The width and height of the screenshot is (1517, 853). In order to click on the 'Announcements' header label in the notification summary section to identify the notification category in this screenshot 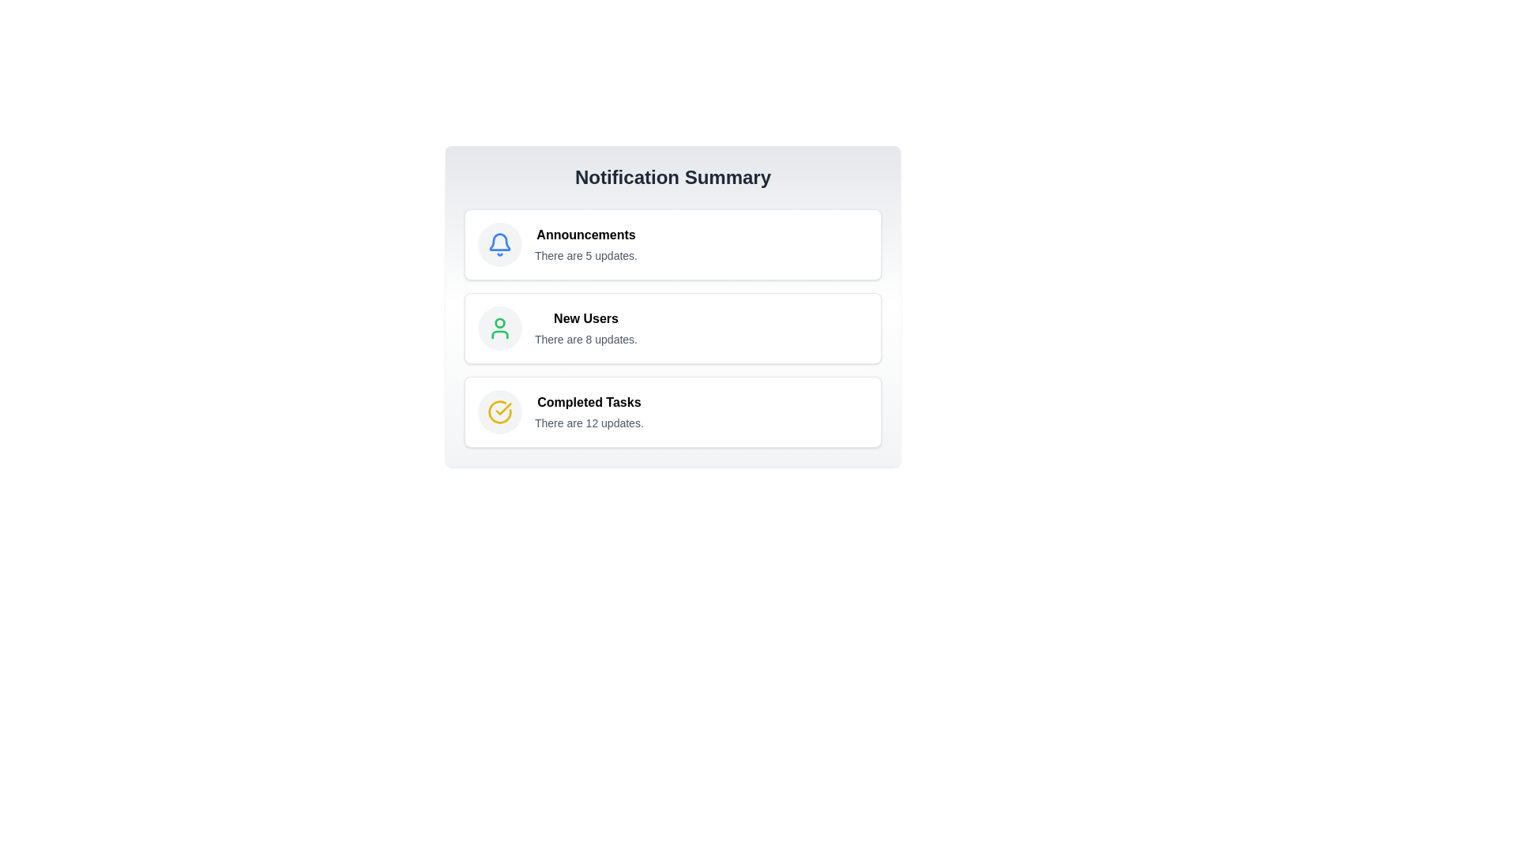, I will do `click(585, 235)`.